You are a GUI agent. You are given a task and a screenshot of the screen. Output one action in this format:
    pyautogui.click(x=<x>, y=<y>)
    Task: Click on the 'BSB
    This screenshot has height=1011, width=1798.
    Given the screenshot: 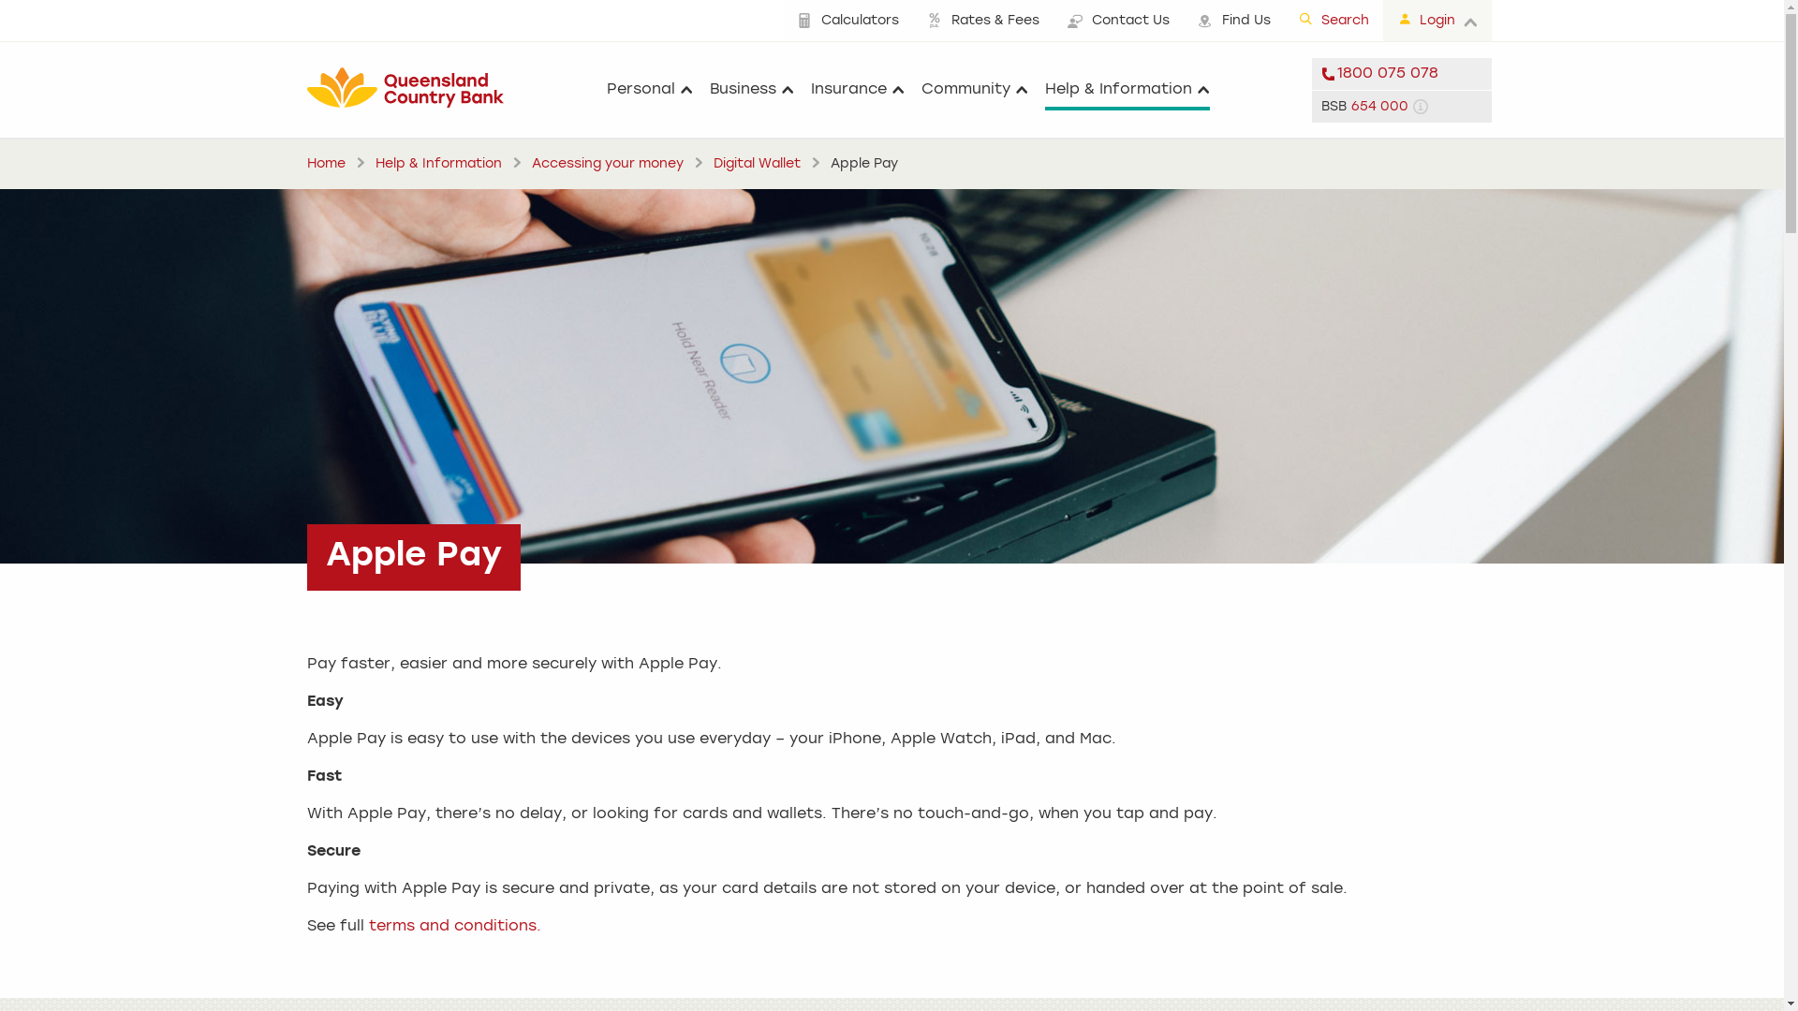 What is the action you would take?
    pyautogui.click(x=1401, y=105)
    